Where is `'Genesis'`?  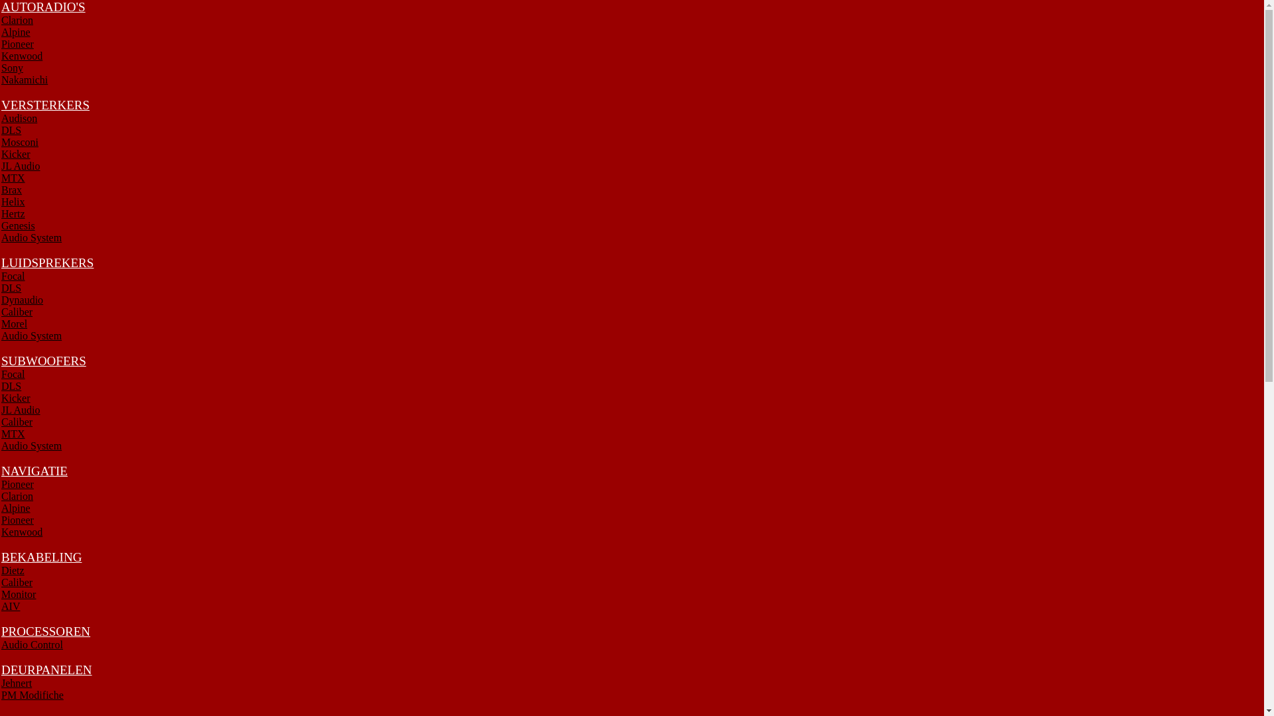
'Genesis' is located at coordinates (1, 225).